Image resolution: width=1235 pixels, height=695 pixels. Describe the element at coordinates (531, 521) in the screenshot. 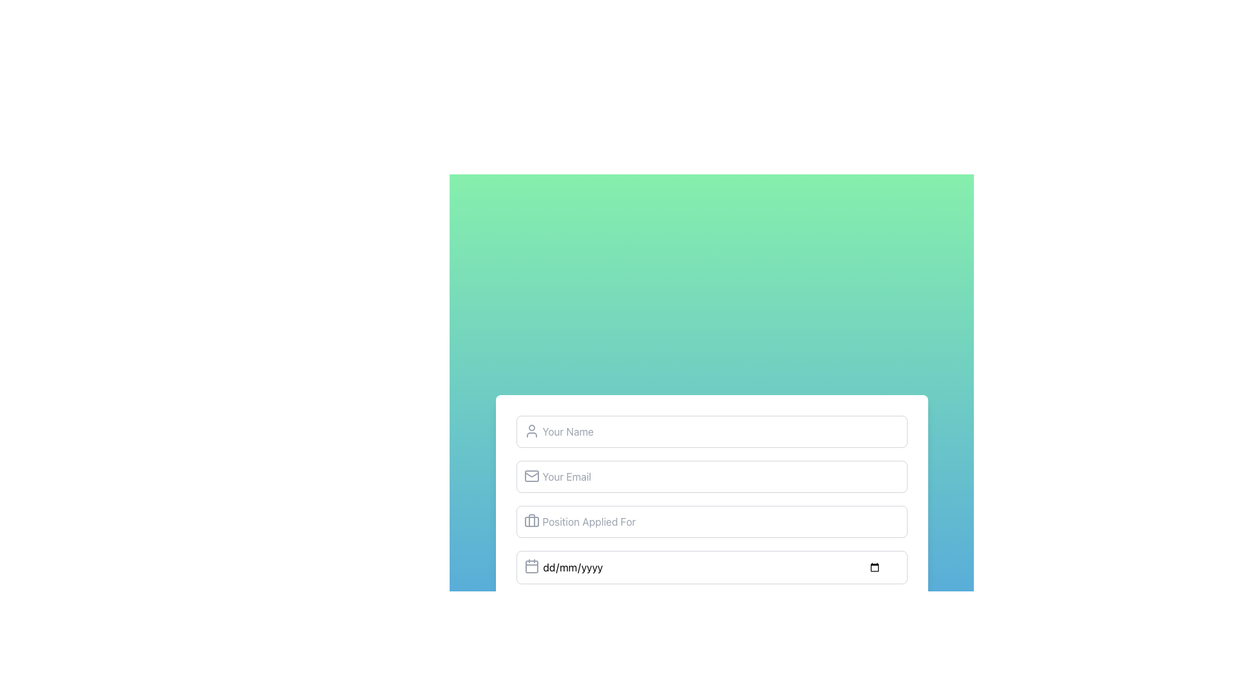

I see `the briefcase icon component within the SVG that is adjacent to the 'Position Applied For' input field, despite it being non-interactive` at that location.